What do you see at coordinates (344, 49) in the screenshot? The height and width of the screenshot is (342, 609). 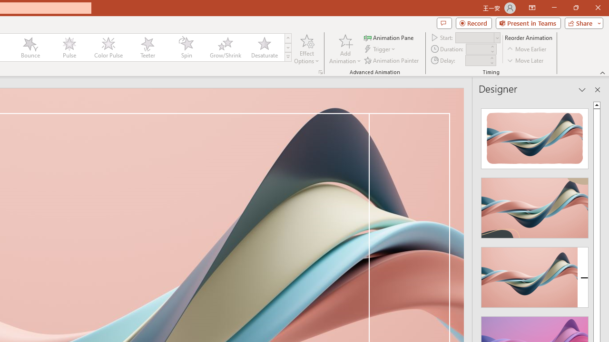 I see `'Add Animation'` at bounding box center [344, 49].